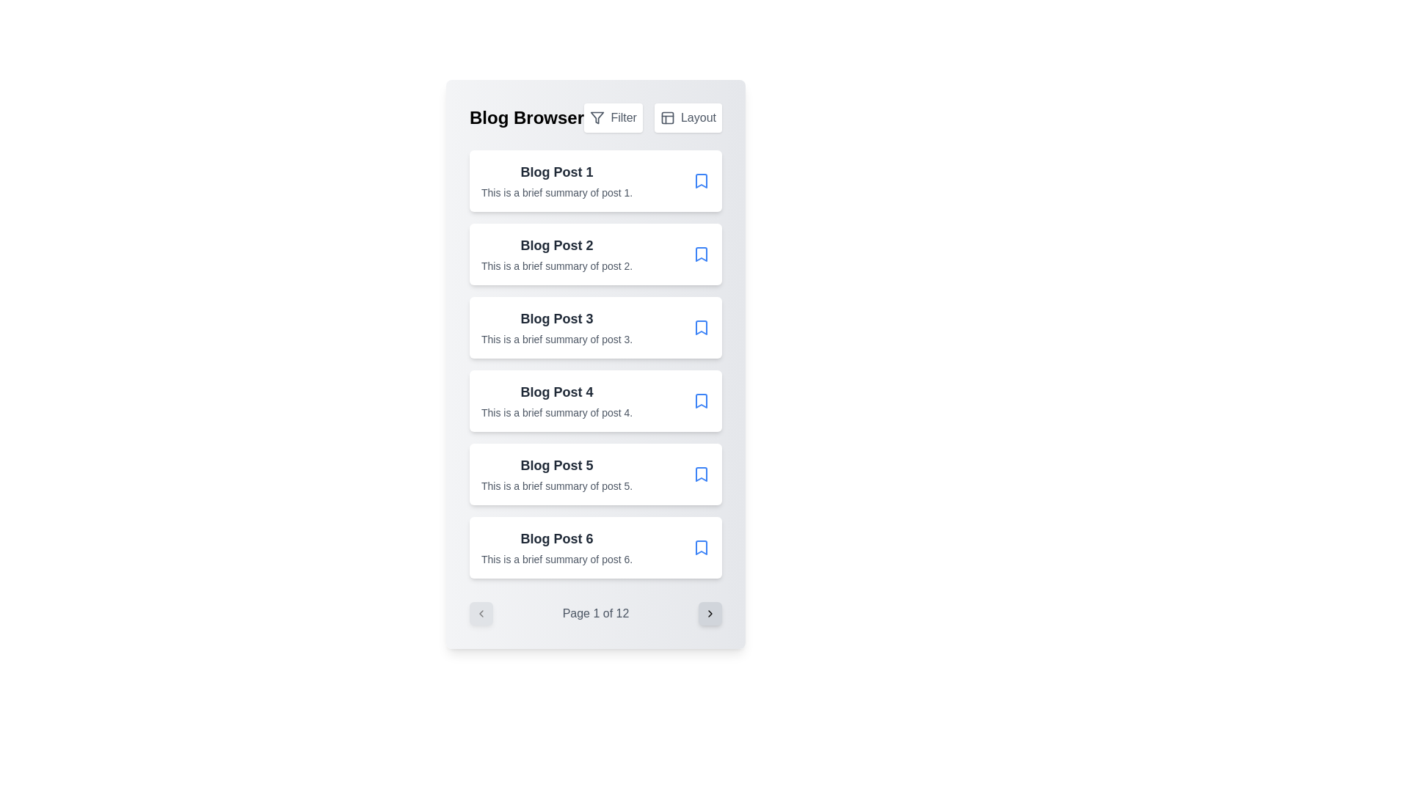 The height and width of the screenshot is (792, 1409). I want to click on the bookmark icon associated with 'Blog Post 3' to bookmark the post for future reference, so click(700, 327).